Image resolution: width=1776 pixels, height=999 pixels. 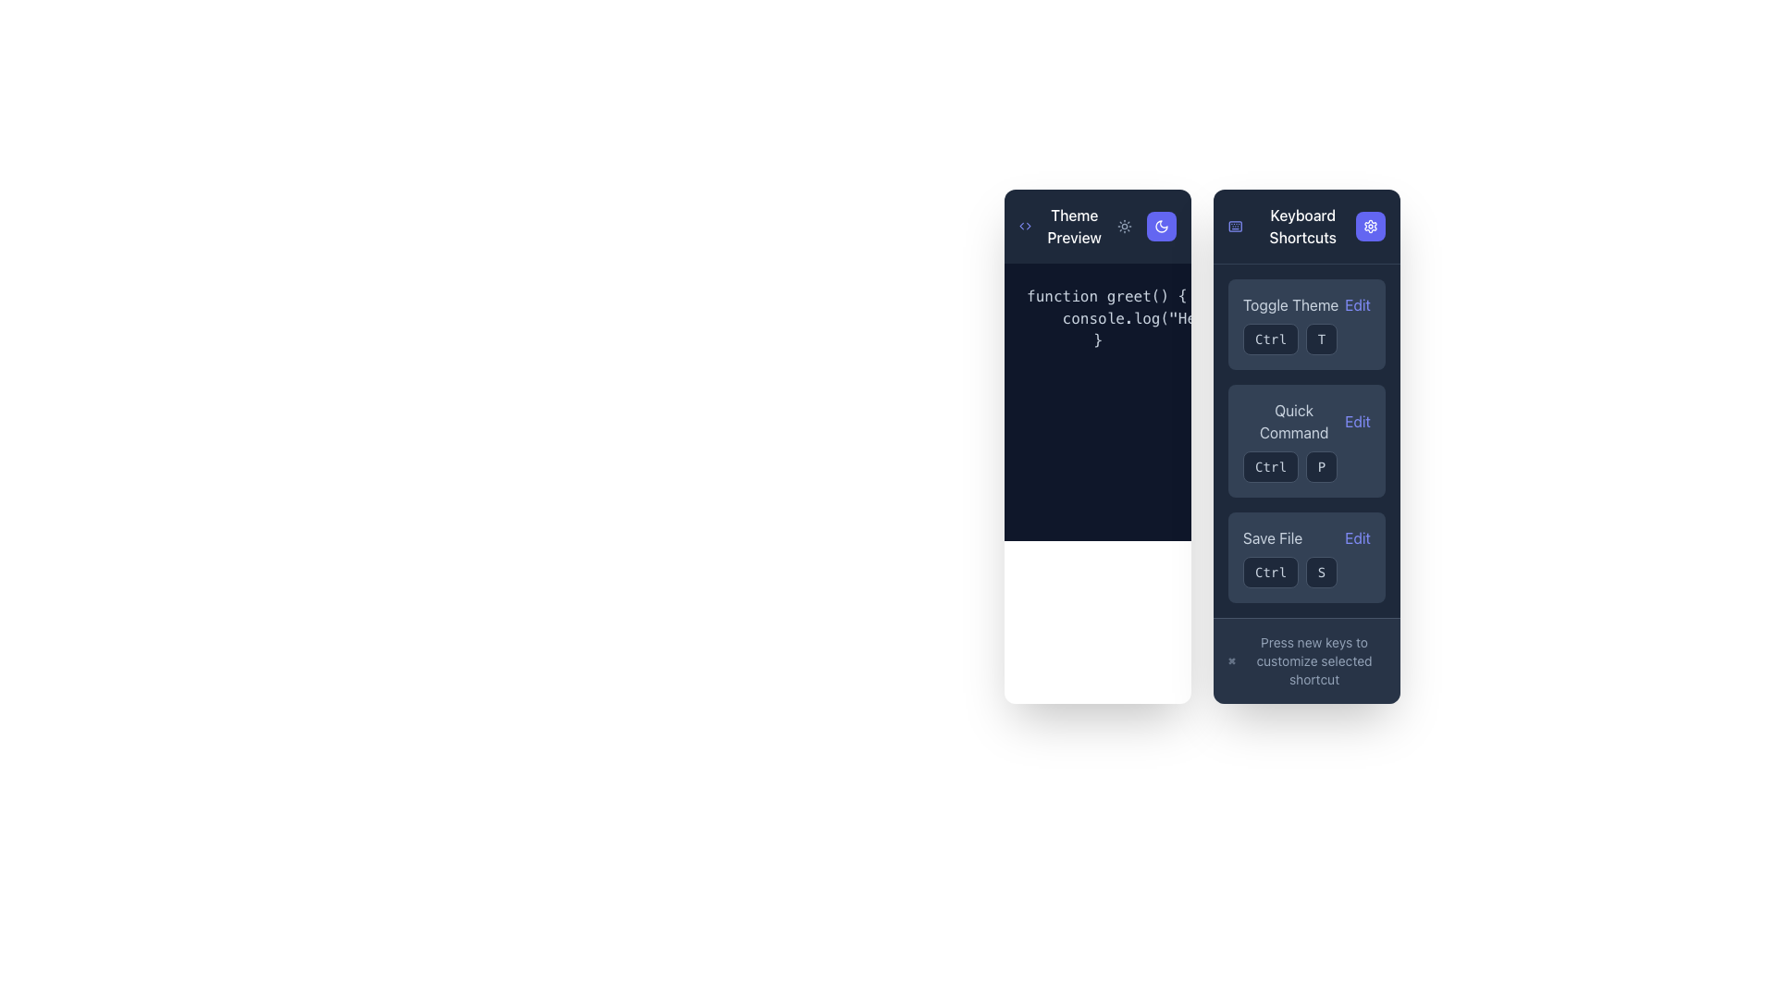 What do you see at coordinates (1371, 226) in the screenshot?
I see `the settings button represented by the gear icon located at the top-right corner of the 'Keyboard Shortcuts' card` at bounding box center [1371, 226].